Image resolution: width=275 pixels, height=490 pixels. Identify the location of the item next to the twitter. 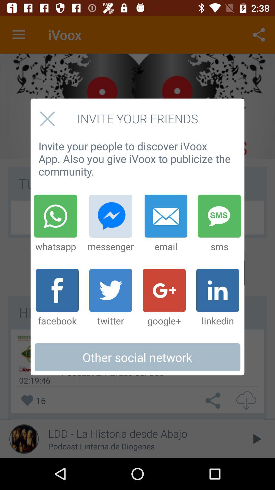
(57, 298).